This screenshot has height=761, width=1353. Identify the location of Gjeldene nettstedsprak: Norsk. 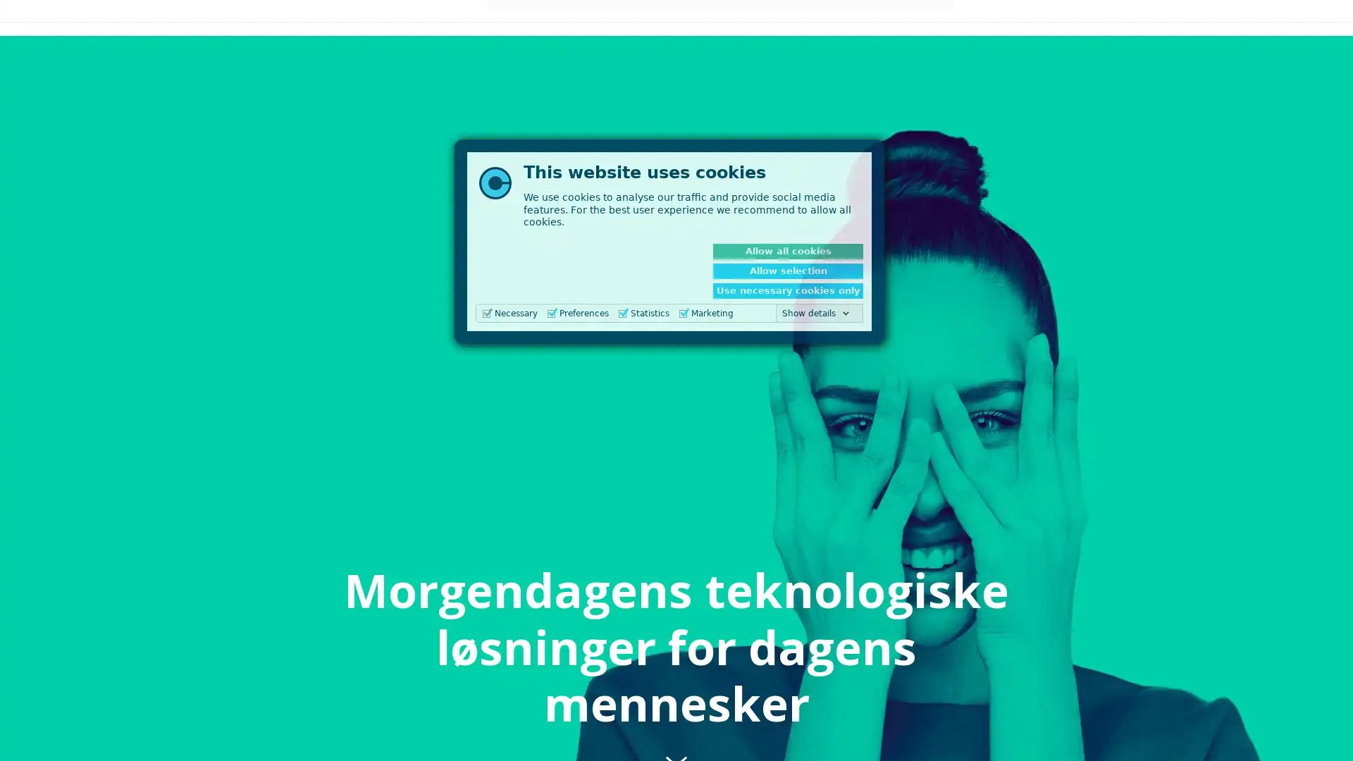
(1080, 27).